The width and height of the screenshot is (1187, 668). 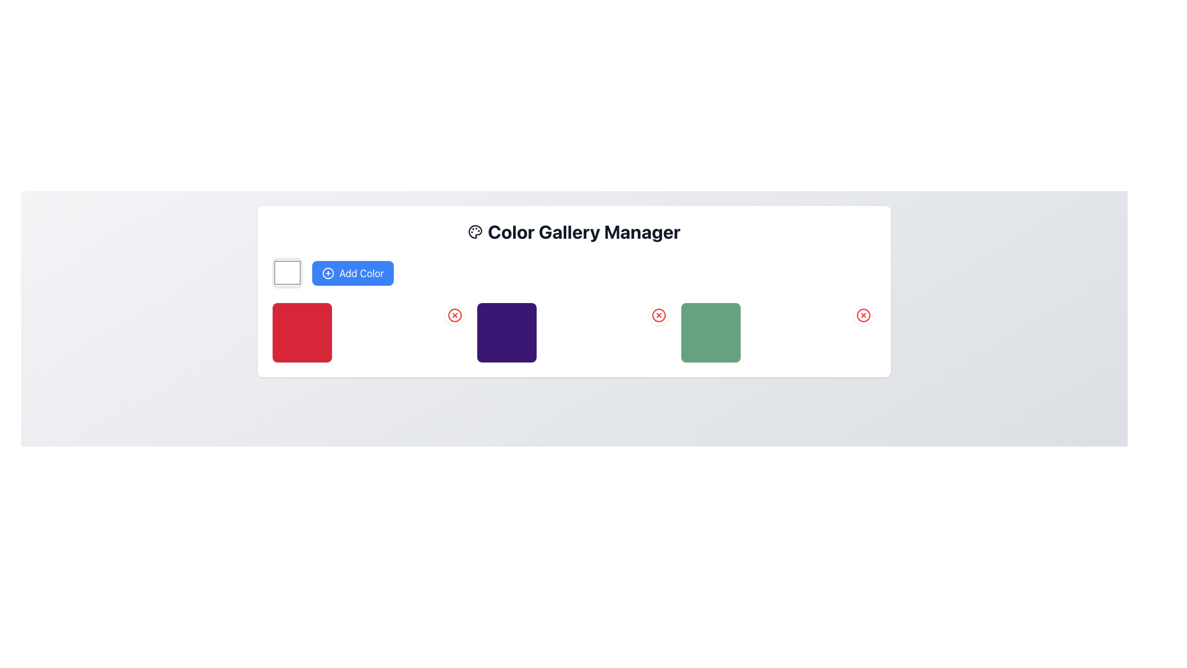 I want to click on the circular red 'X' icon, which is part of the delete button, so click(x=658, y=314).